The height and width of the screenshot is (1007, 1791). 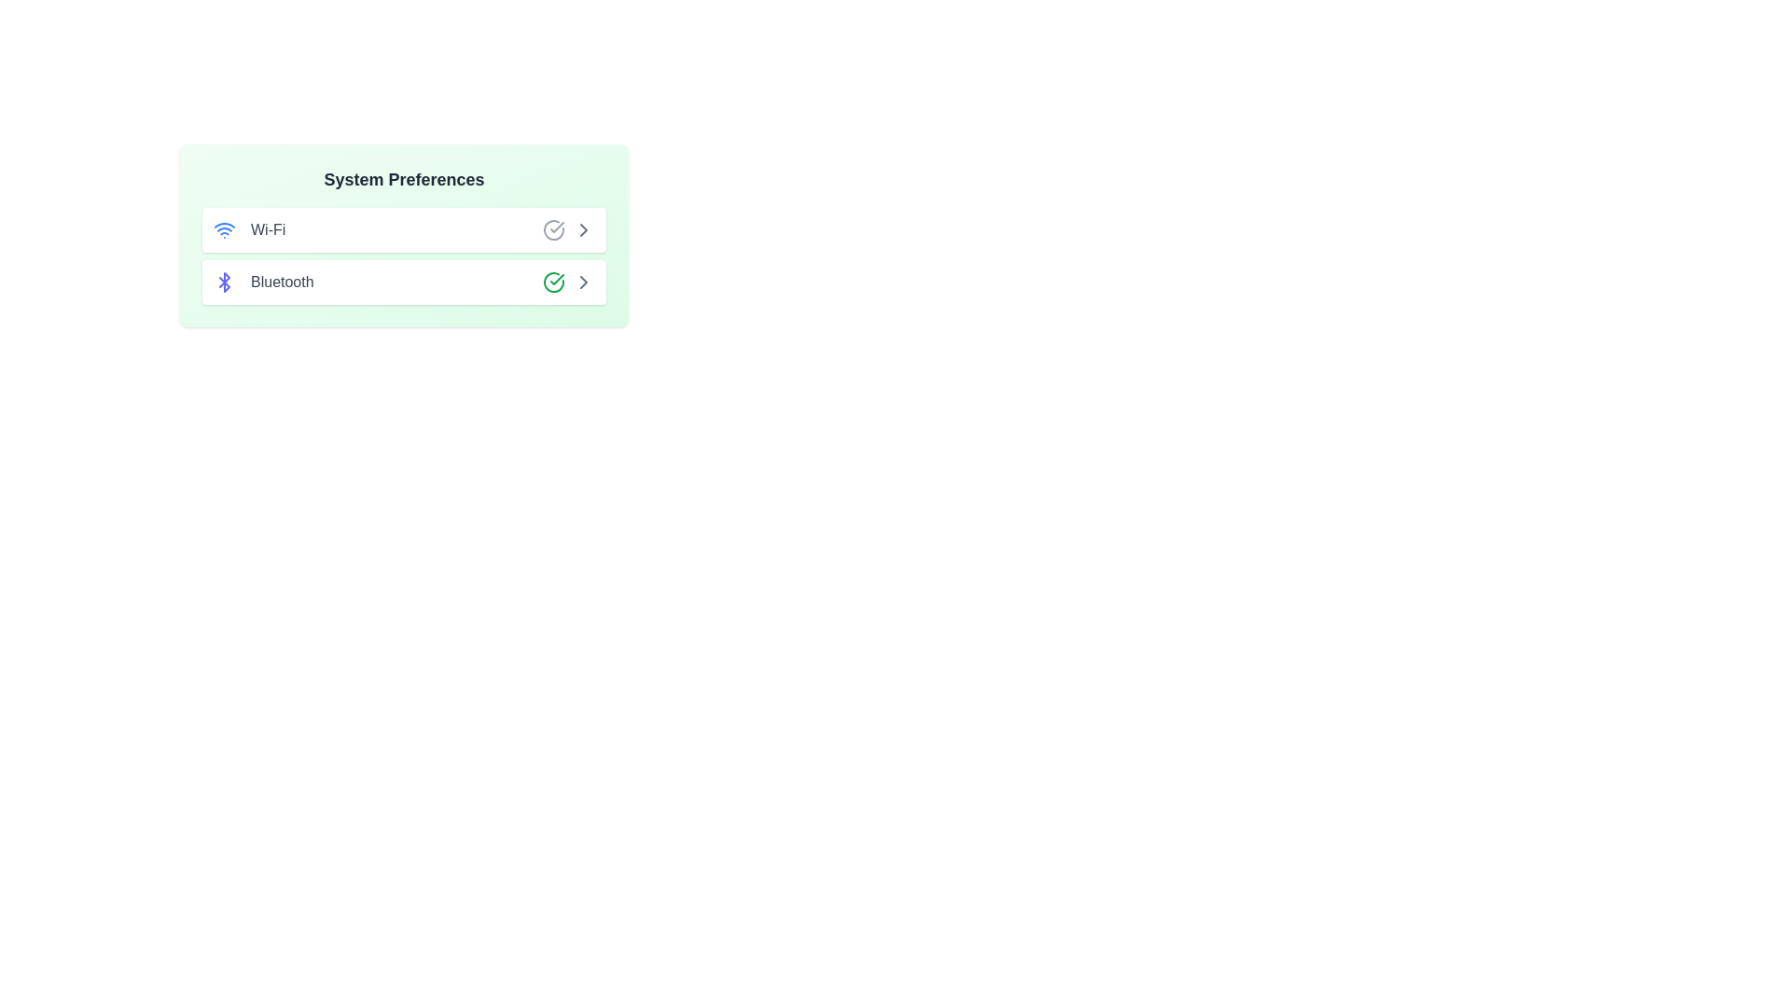 What do you see at coordinates (582, 228) in the screenshot?
I see `ChevronRight icon next to the Wi-Fi option to toggle its status` at bounding box center [582, 228].